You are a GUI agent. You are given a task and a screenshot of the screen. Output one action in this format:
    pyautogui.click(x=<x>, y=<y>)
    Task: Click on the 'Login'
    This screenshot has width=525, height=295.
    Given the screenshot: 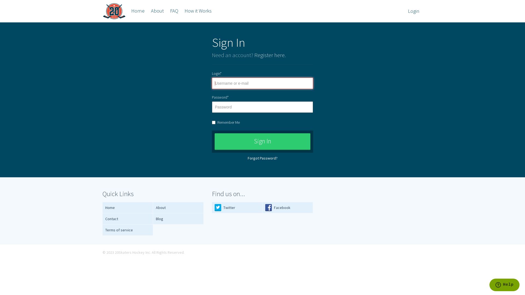 What is the action you would take?
    pyautogui.click(x=413, y=11)
    